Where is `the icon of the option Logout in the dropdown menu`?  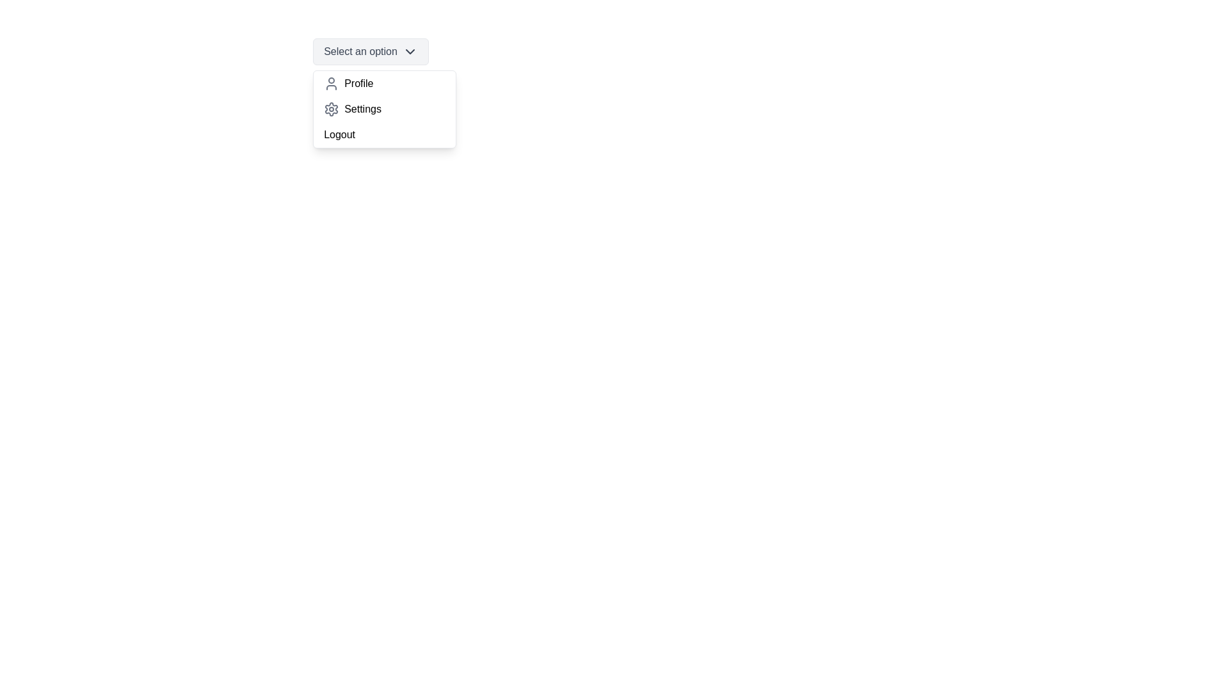 the icon of the option Logout in the dropdown menu is located at coordinates (332, 135).